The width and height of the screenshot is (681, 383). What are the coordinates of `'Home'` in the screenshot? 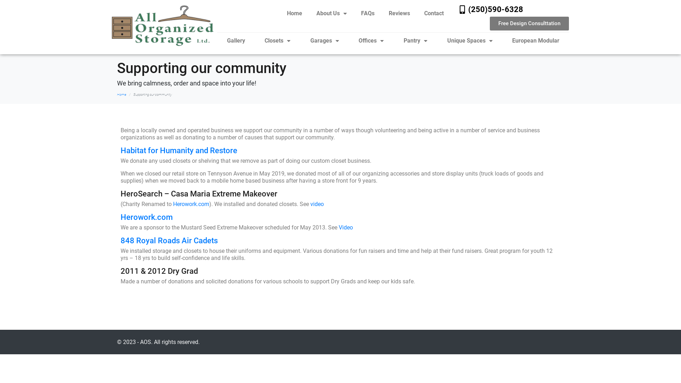 It's located at (121, 94).